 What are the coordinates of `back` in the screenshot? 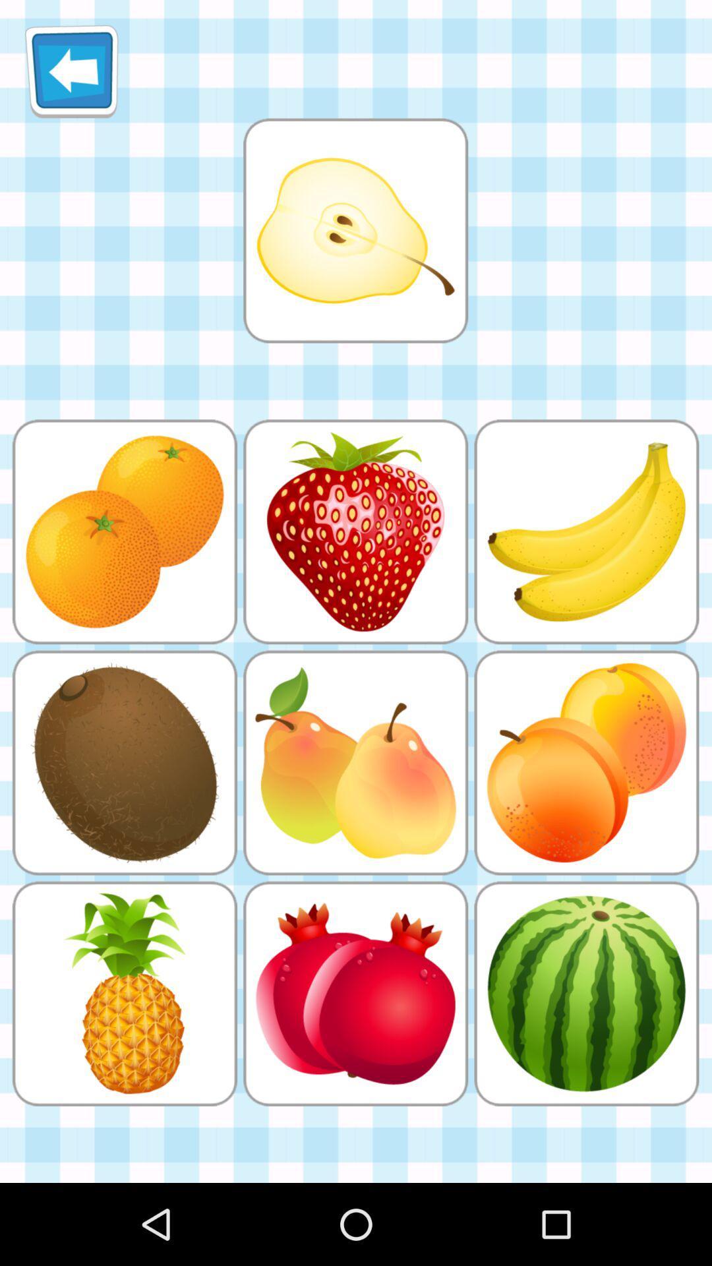 It's located at (71, 71).